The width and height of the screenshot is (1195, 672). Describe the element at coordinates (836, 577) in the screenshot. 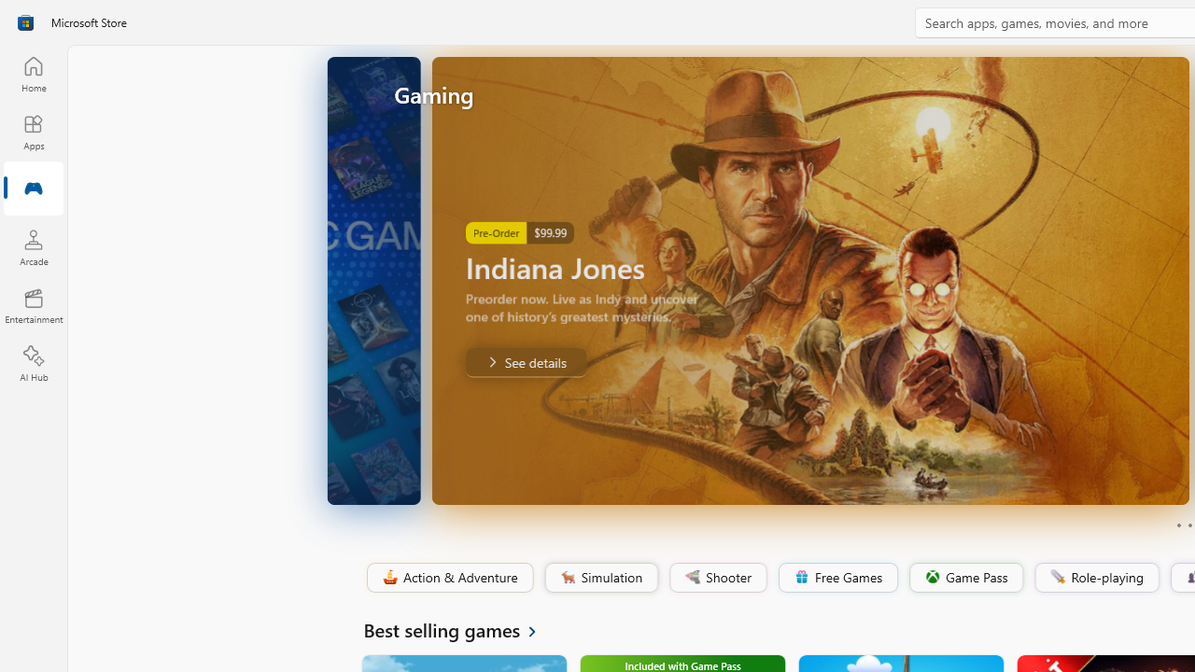

I see `'Free Games'` at that location.